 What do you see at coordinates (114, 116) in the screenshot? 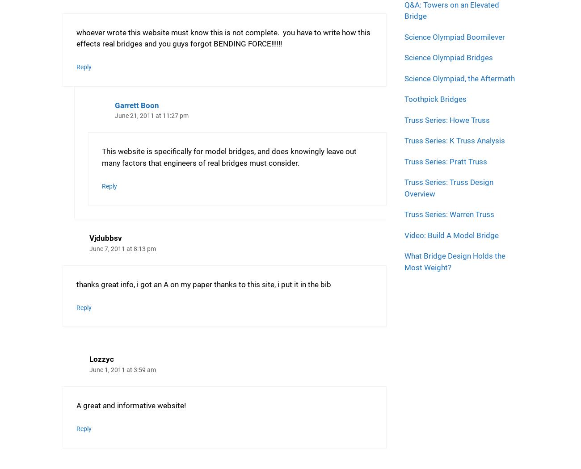
I see `'June 21, 2011 at 11:27 pm'` at bounding box center [114, 116].